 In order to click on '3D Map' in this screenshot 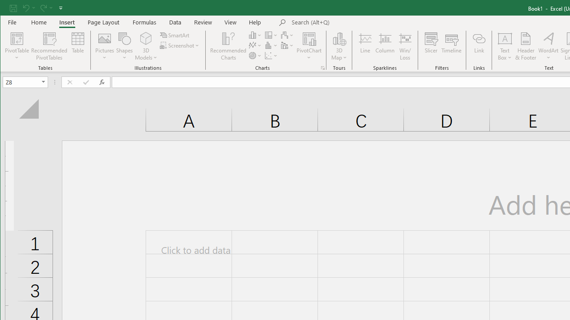, I will do `click(339, 46)`.